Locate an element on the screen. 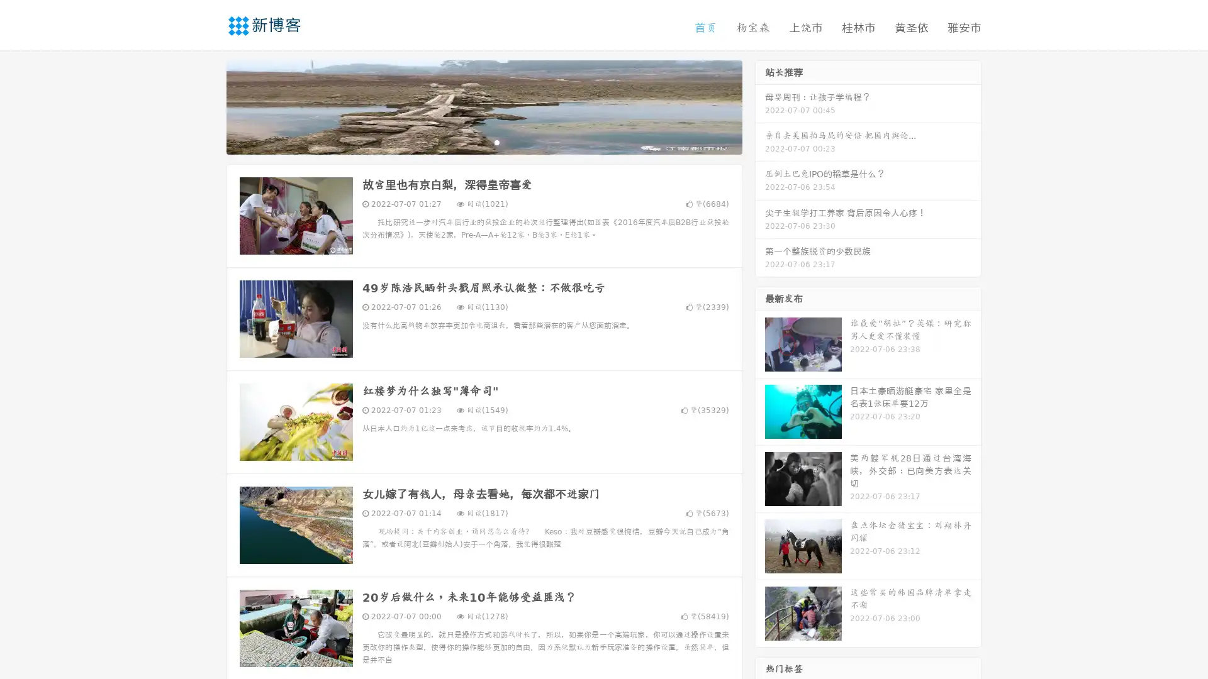  Go to slide 2 is located at coordinates (483, 141).